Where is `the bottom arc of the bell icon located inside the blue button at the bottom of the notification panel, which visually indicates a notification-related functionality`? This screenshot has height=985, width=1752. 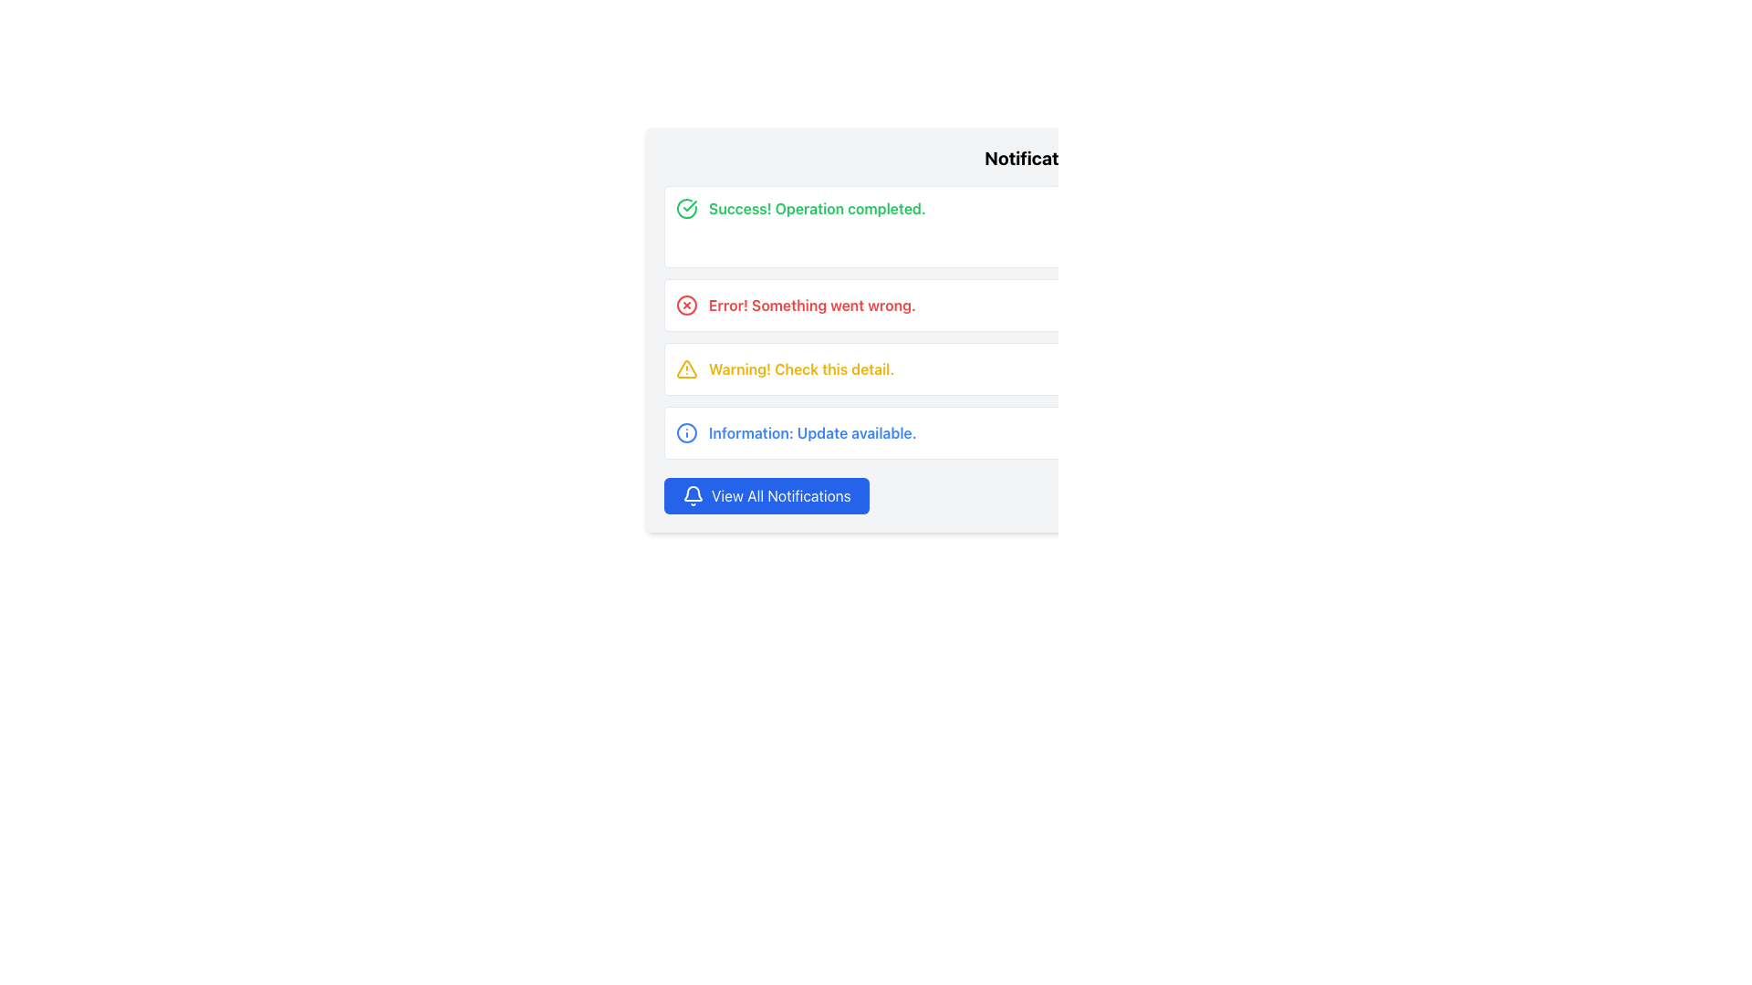 the bottom arc of the bell icon located inside the blue button at the bottom of the notification panel, which visually indicates a notification-related functionality is located at coordinates (692, 493).